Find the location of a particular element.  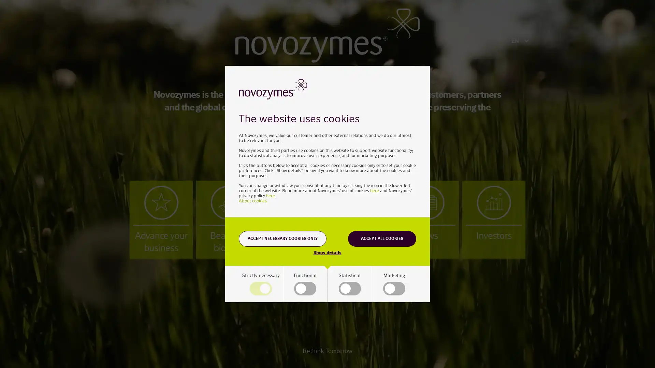

Accept all cookies is located at coordinates (381, 238).